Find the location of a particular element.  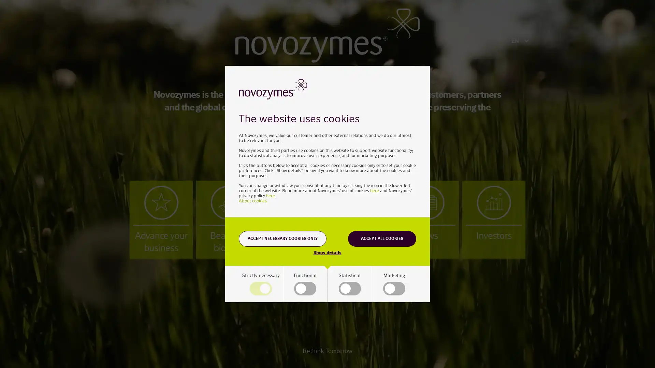

Accept all cookies is located at coordinates (381, 238).